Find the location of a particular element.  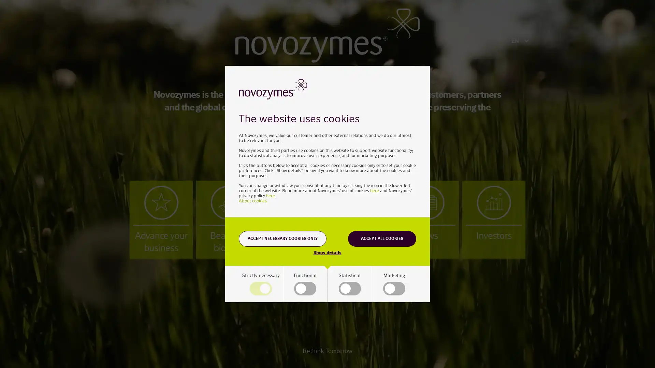

Accept all cookies is located at coordinates (381, 238).